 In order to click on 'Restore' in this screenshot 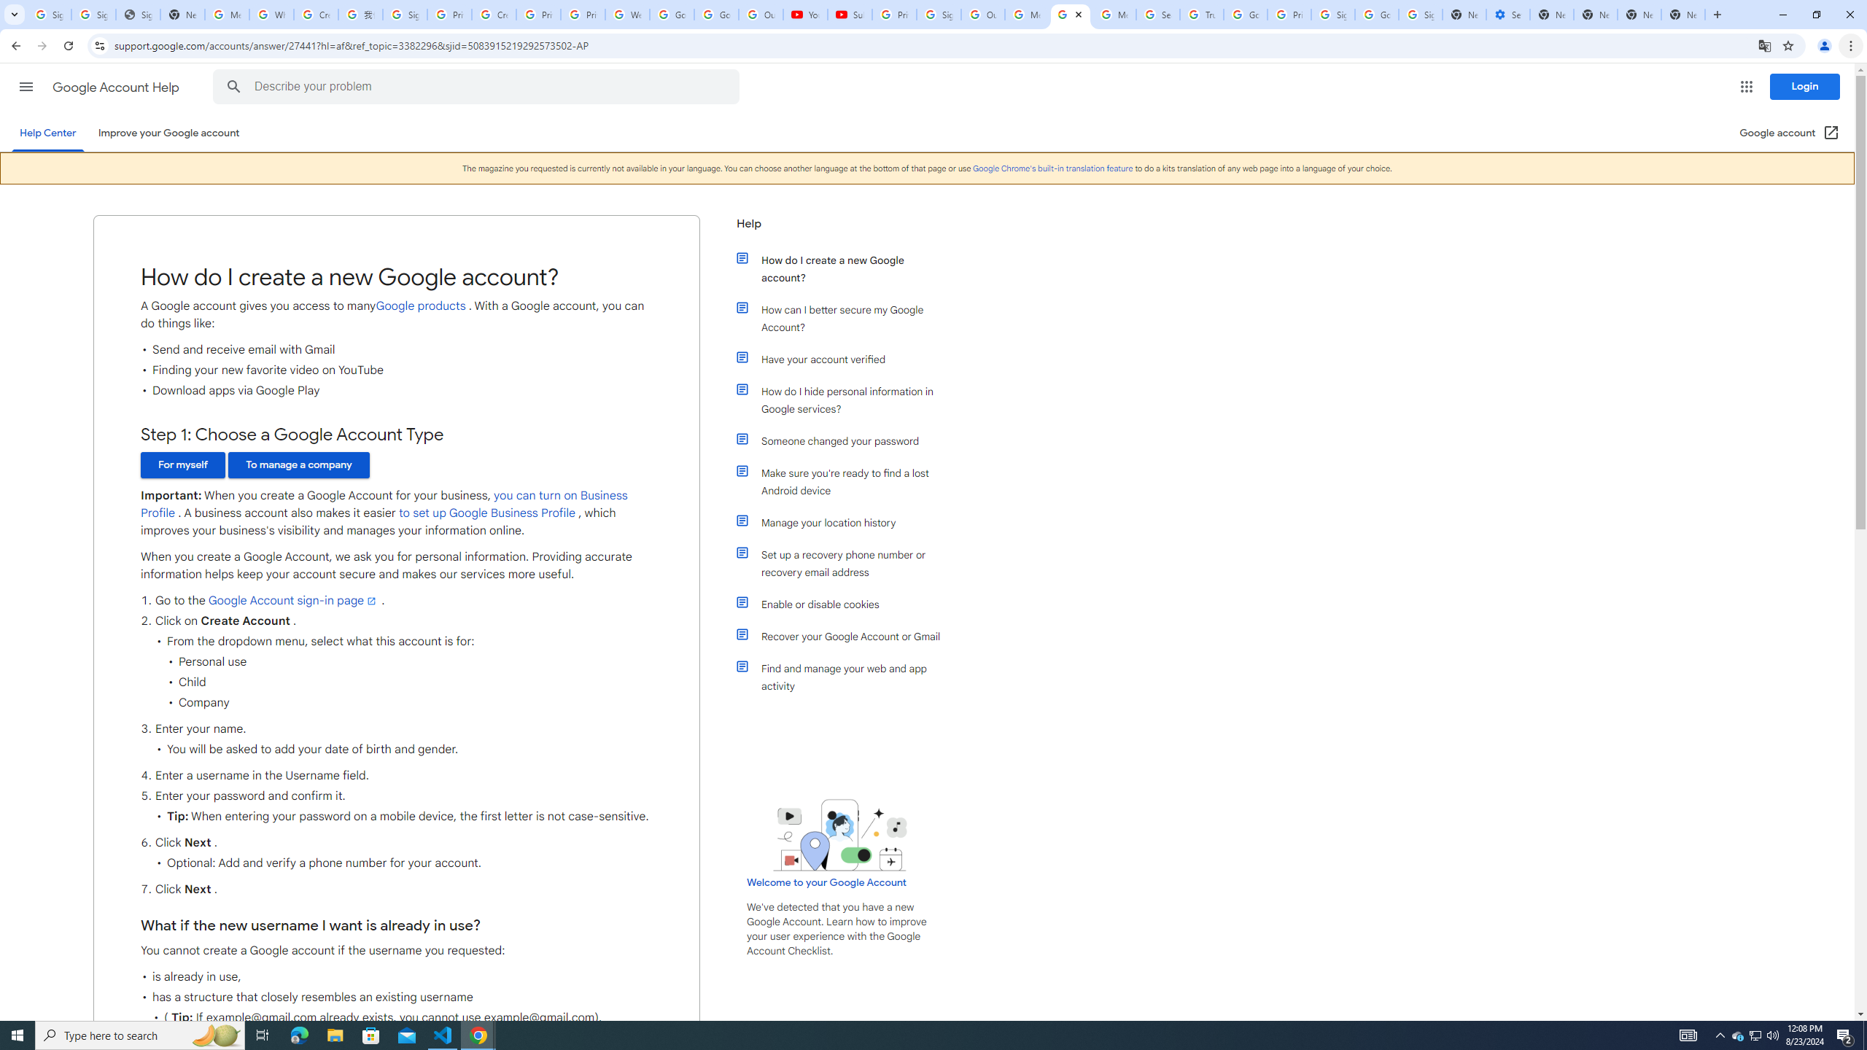, I will do `click(1816, 14)`.